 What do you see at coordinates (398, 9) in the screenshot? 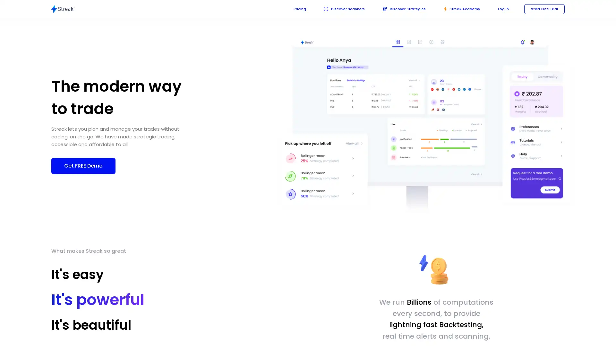
I see `Discover Strategies` at bounding box center [398, 9].